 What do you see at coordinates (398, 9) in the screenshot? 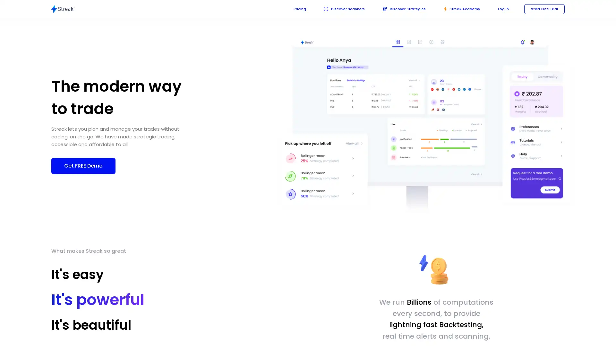
I see `Discover Strategies` at bounding box center [398, 9].